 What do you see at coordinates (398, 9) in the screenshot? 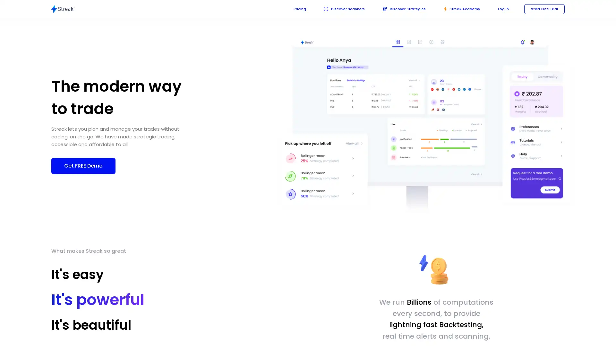
I see `Discover Strategies` at bounding box center [398, 9].